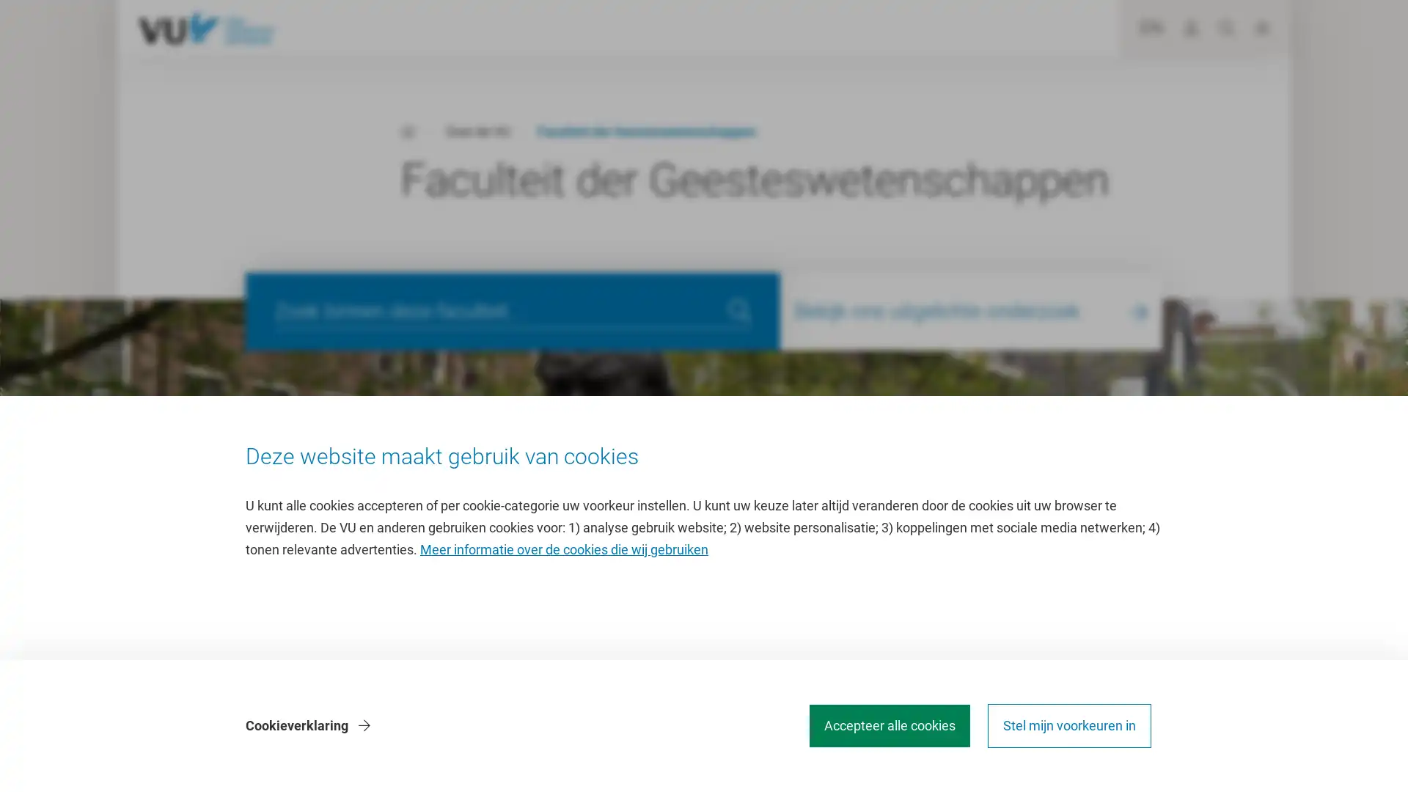 The height and width of the screenshot is (792, 1408). I want to click on search, so click(739, 310).